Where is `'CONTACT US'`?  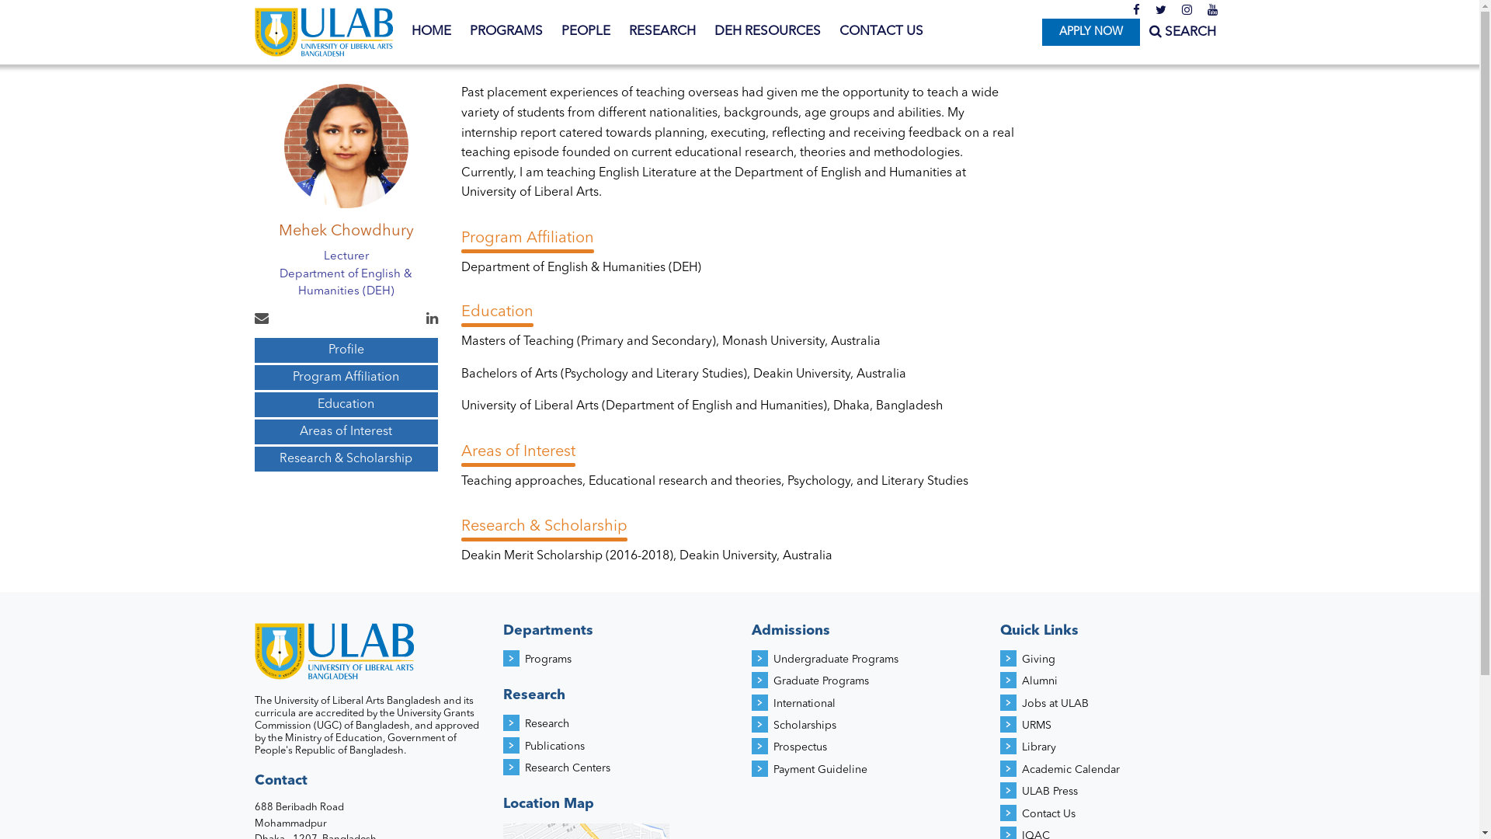 'CONTACT US' is located at coordinates (880, 32).